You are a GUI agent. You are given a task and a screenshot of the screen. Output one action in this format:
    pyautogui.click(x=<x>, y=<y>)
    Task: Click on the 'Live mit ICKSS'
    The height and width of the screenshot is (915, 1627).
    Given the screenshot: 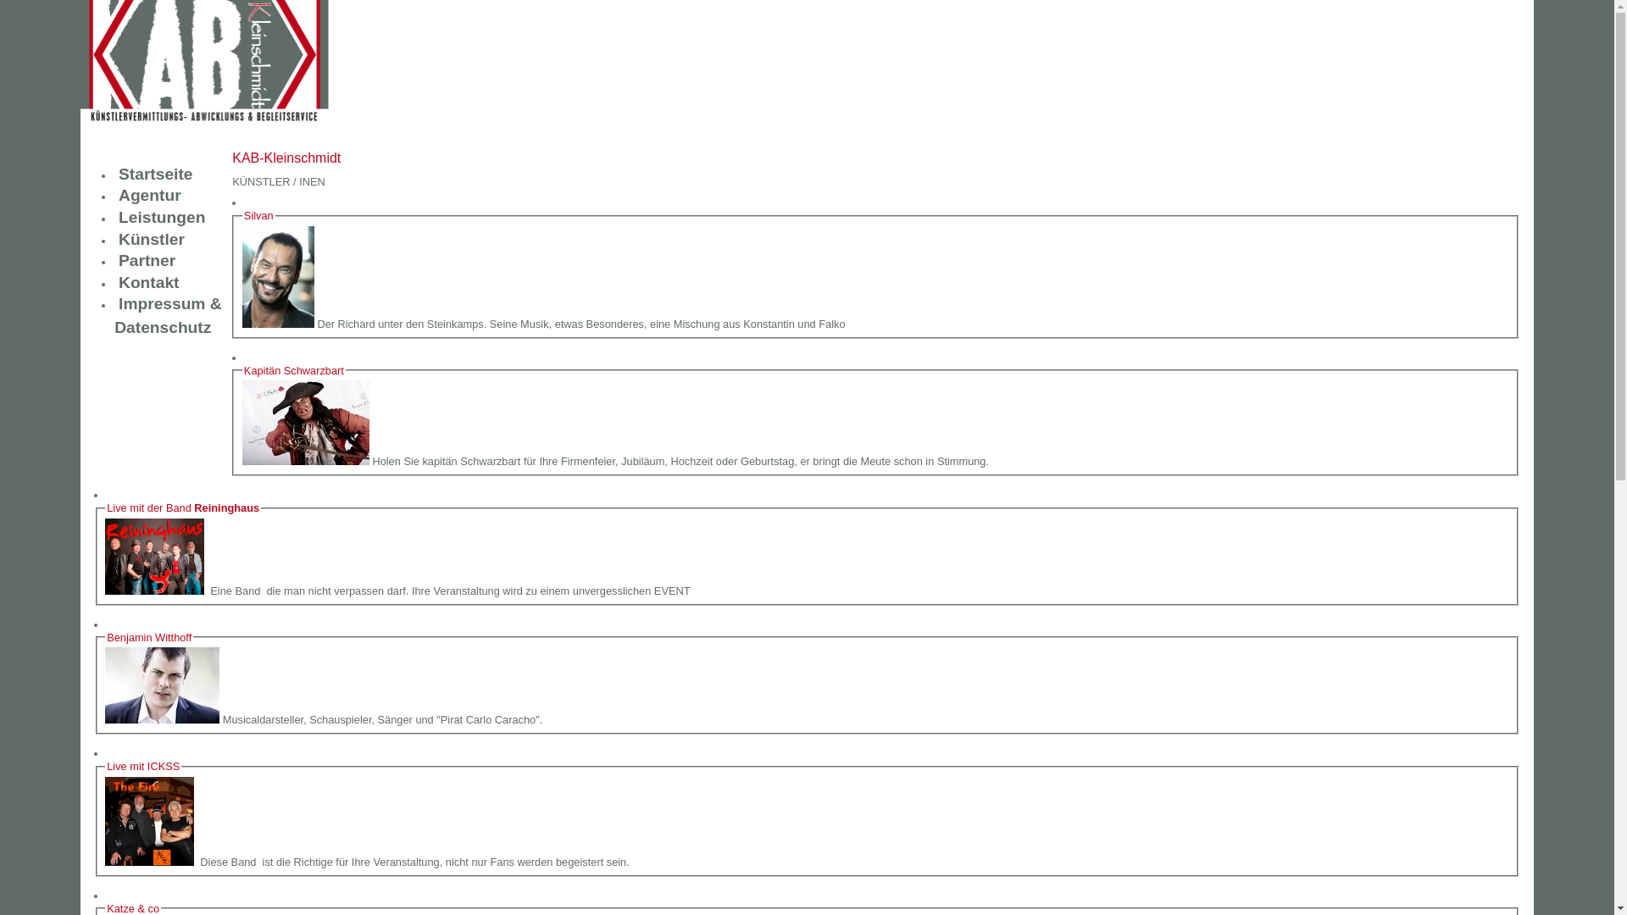 What is the action you would take?
    pyautogui.click(x=142, y=766)
    